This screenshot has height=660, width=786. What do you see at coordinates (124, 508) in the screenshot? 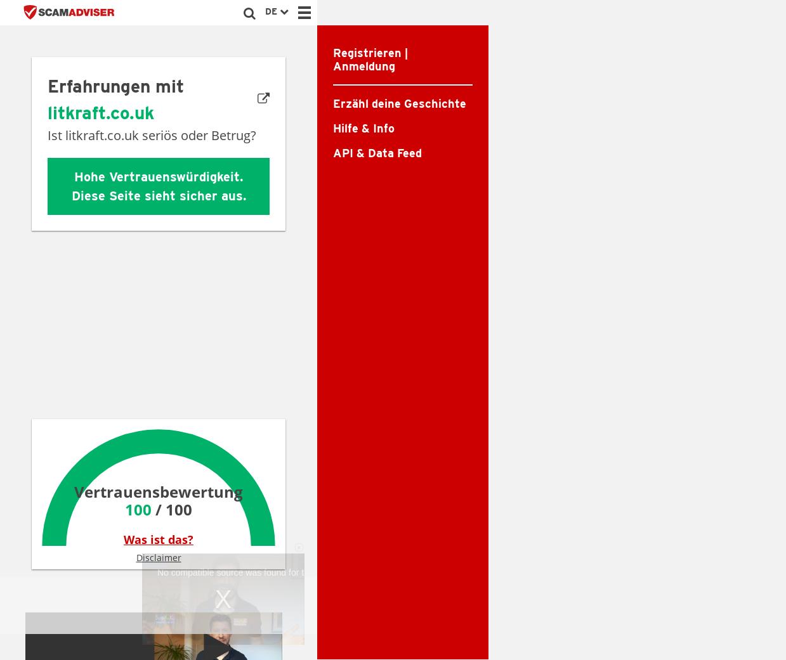
I see `'100'` at bounding box center [124, 508].